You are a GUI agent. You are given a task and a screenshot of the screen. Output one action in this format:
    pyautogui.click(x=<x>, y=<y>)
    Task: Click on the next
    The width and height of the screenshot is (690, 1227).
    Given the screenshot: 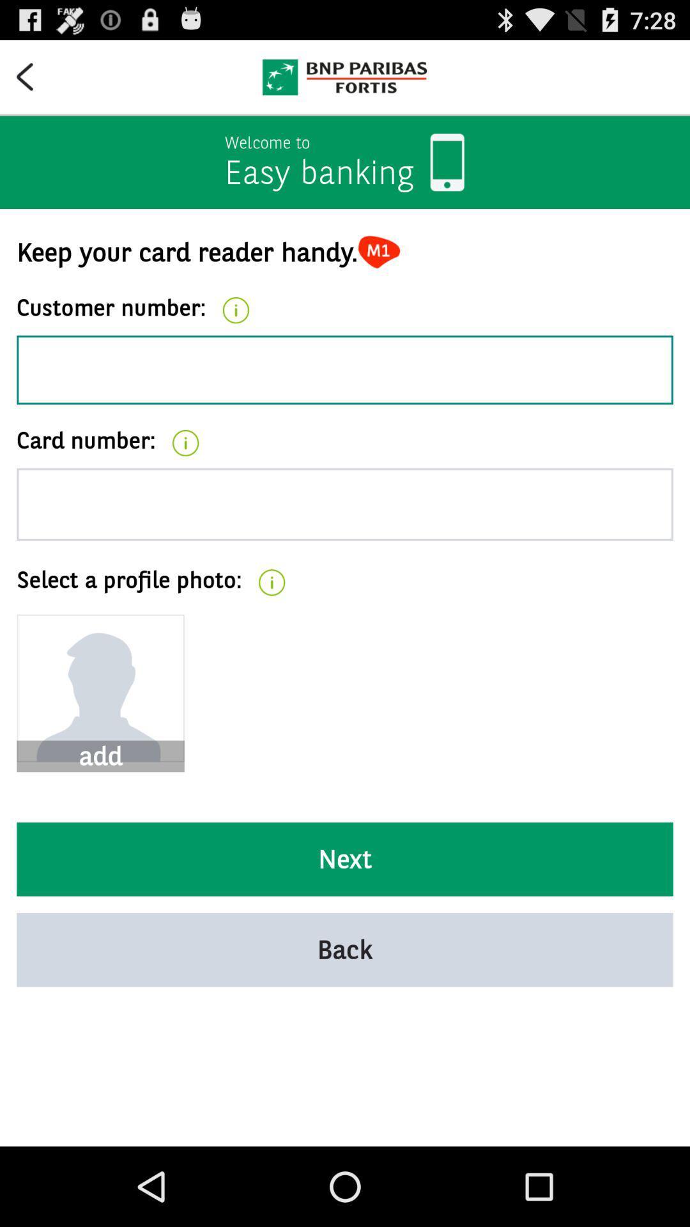 What is the action you would take?
    pyautogui.click(x=345, y=859)
    